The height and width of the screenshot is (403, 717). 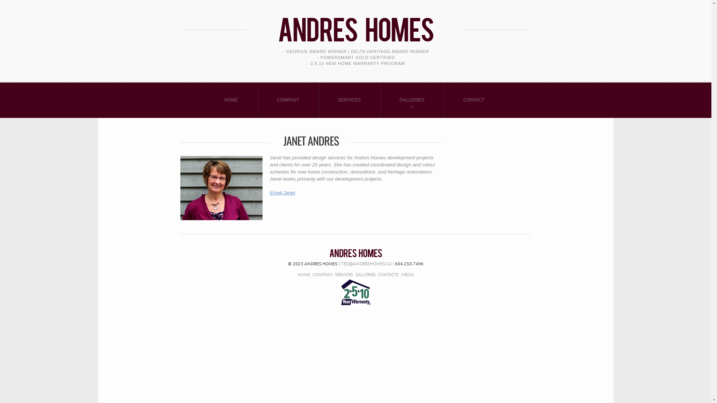 What do you see at coordinates (349, 100) in the screenshot?
I see `'SERVICES'` at bounding box center [349, 100].